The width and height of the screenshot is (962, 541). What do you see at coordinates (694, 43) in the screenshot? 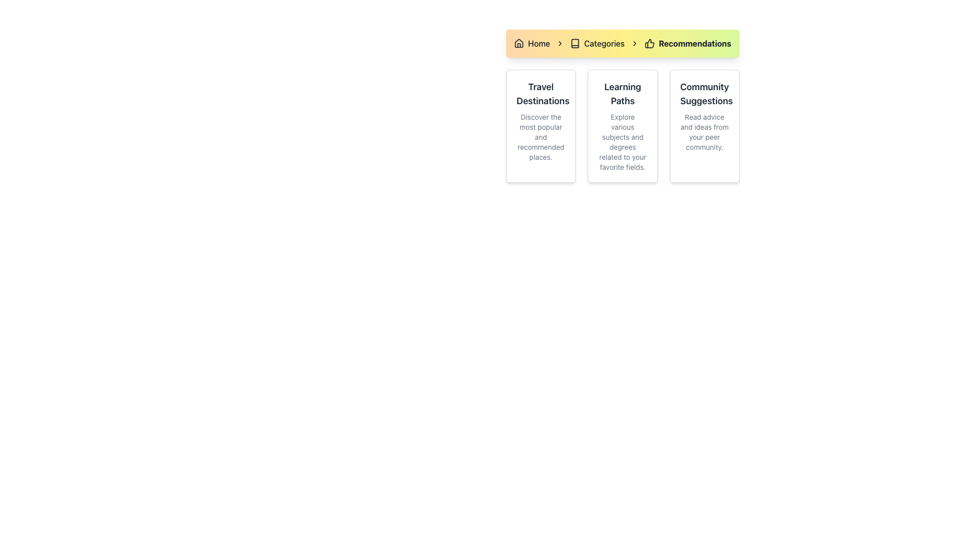
I see `the content of the Text Label that serves as a breadcrumb indicator, located at the end of the breadcrumb navigation bar, following the thumbs-up icon` at bounding box center [694, 43].